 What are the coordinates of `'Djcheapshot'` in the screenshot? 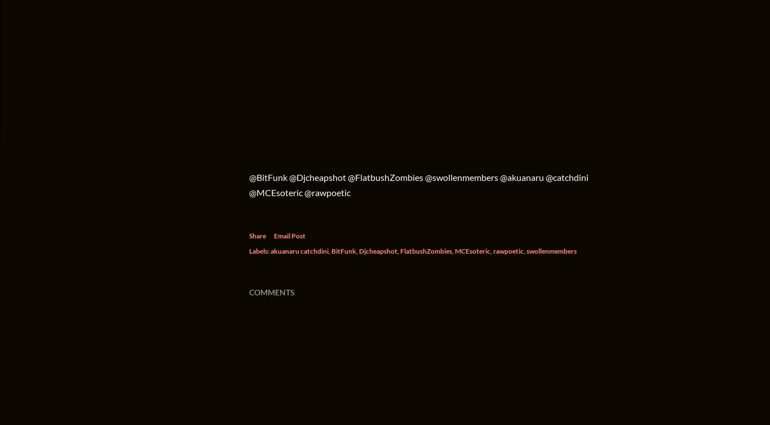 It's located at (358, 251).